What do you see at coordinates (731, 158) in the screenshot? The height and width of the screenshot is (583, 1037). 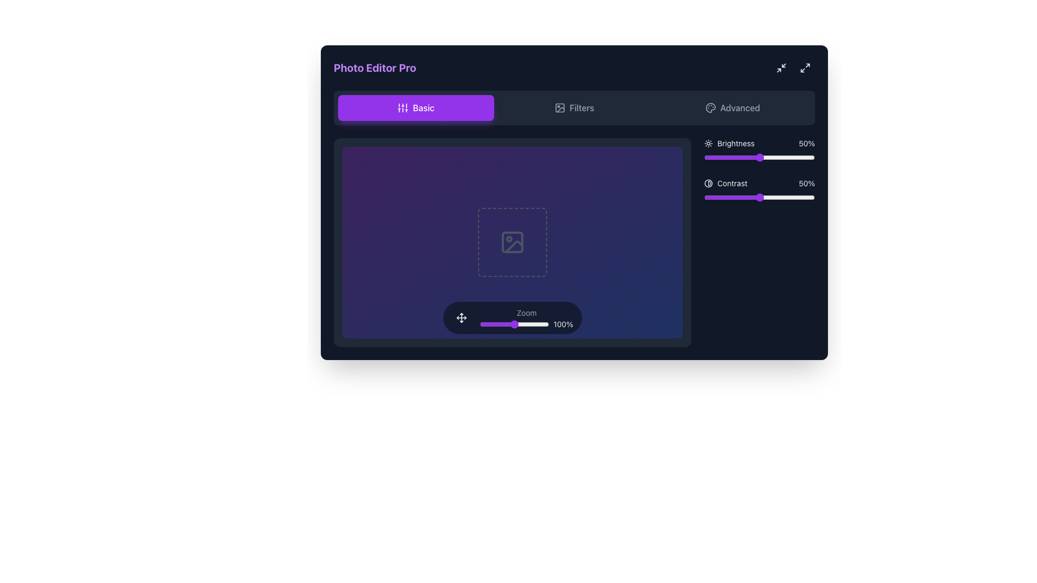 I see `slider value` at bounding box center [731, 158].